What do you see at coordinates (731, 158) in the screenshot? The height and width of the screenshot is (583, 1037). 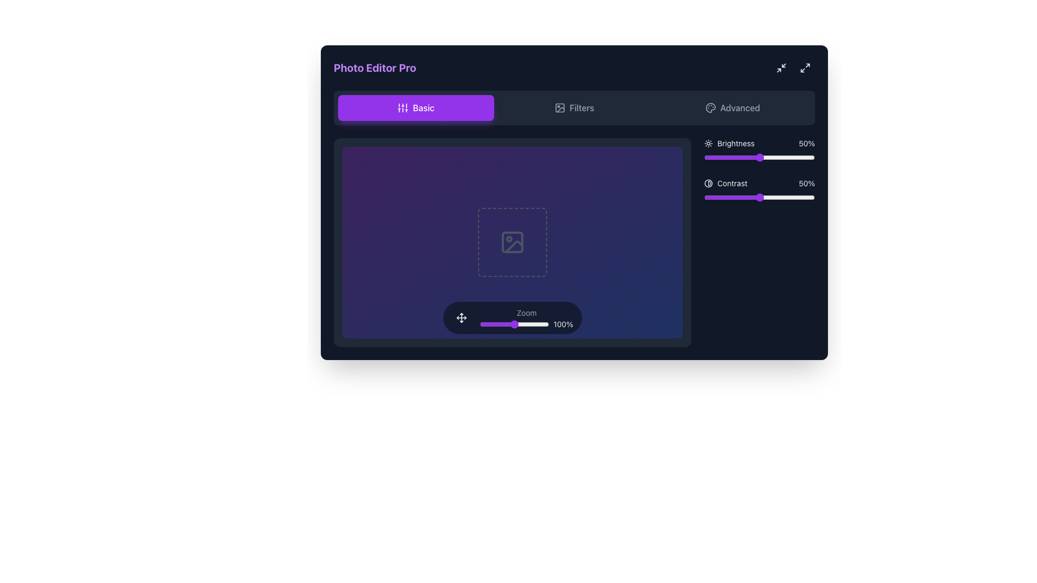 I see `slider value` at bounding box center [731, 158].